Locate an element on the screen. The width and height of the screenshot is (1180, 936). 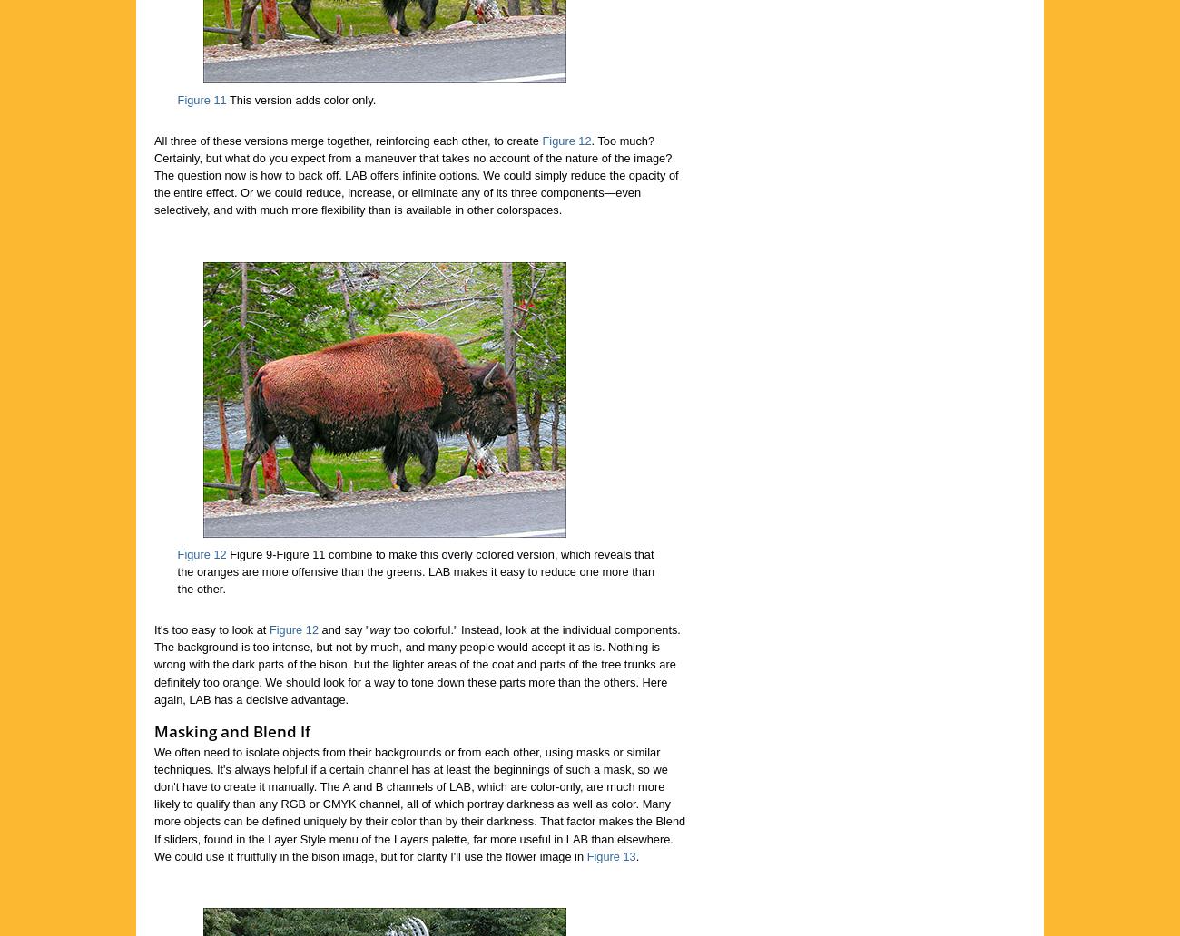
'and say "' is located at coordinates (342, 629).